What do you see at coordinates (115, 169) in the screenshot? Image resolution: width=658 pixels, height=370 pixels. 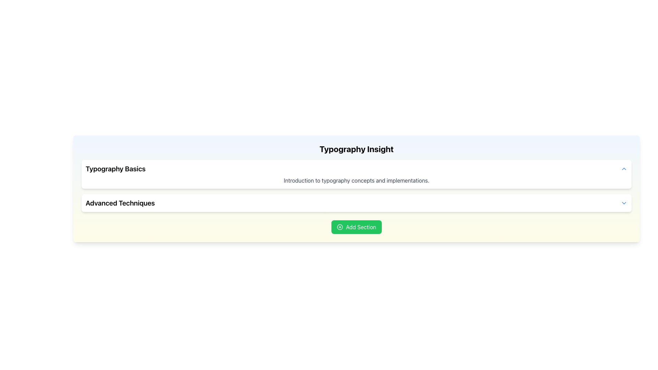 I see `the text label that serves as a section title for 'Typography Basics', located at the top of the visible content and aligned to the left side` at bounding box center [115, 169].